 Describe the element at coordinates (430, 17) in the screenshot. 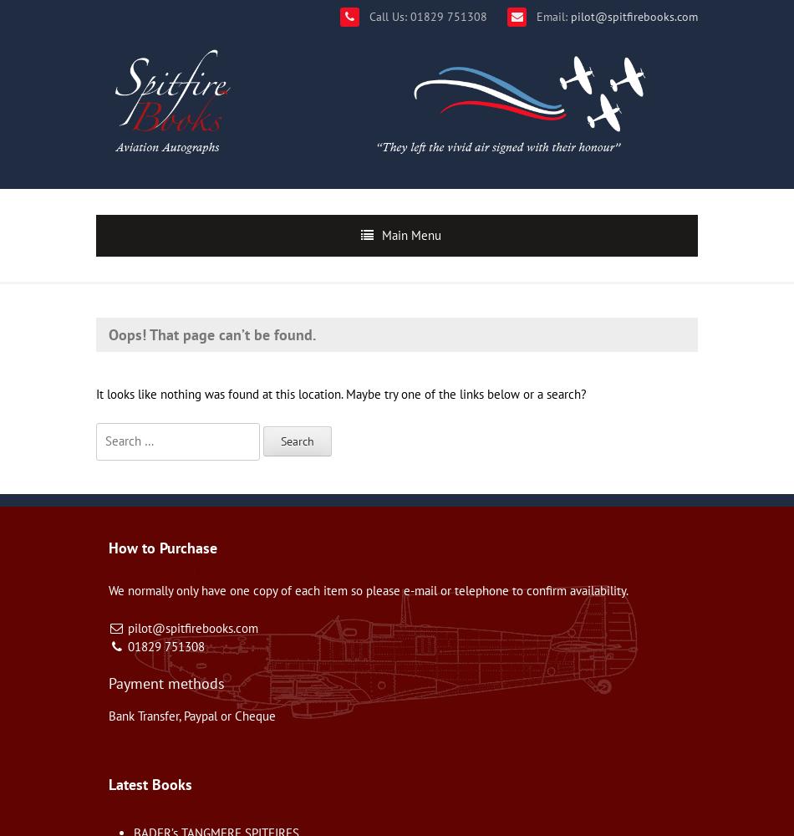

I see `'Call Us: 01829 751308'` at that location.